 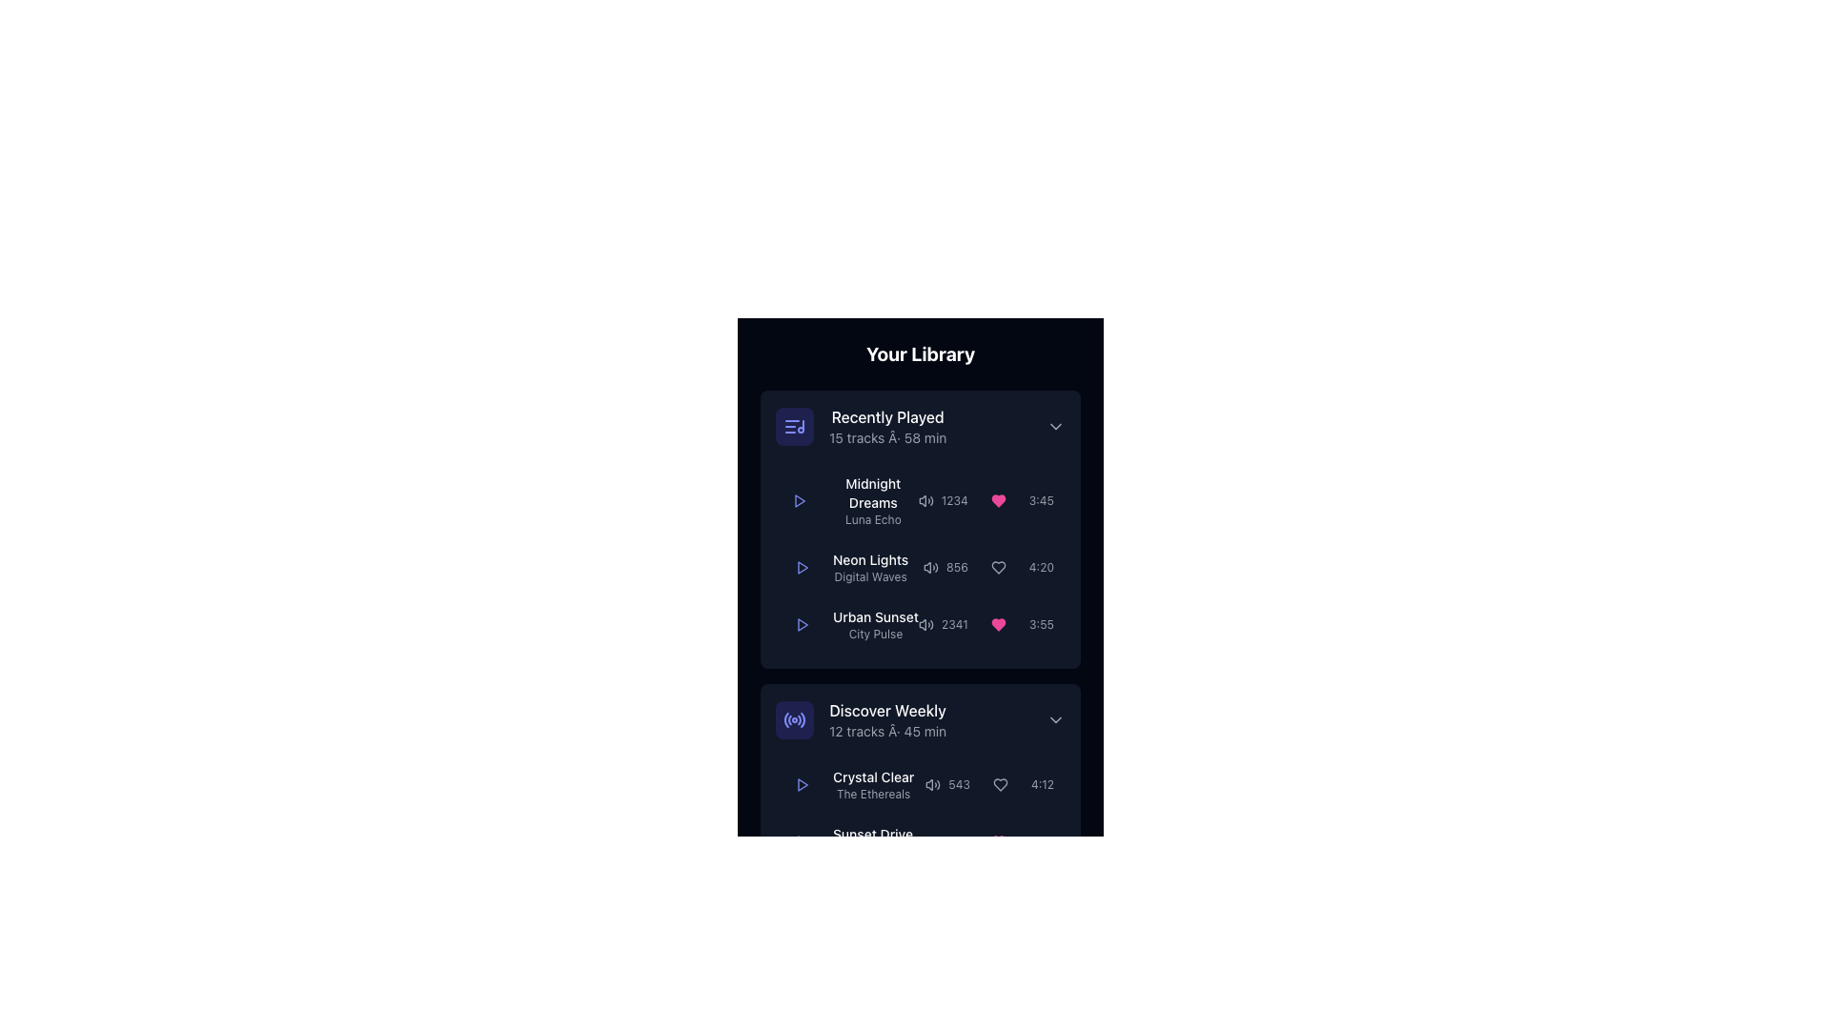 I want to click on the 'Crystal Clear' track item text, so click(x=849, y=785).